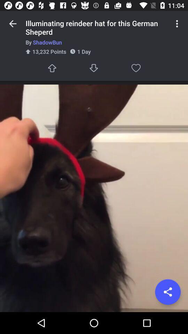 The width and height of the screenshot is (188, 334). I want to click on the icon to the left of the illuminating reindeer hat item, so click(13, 24).